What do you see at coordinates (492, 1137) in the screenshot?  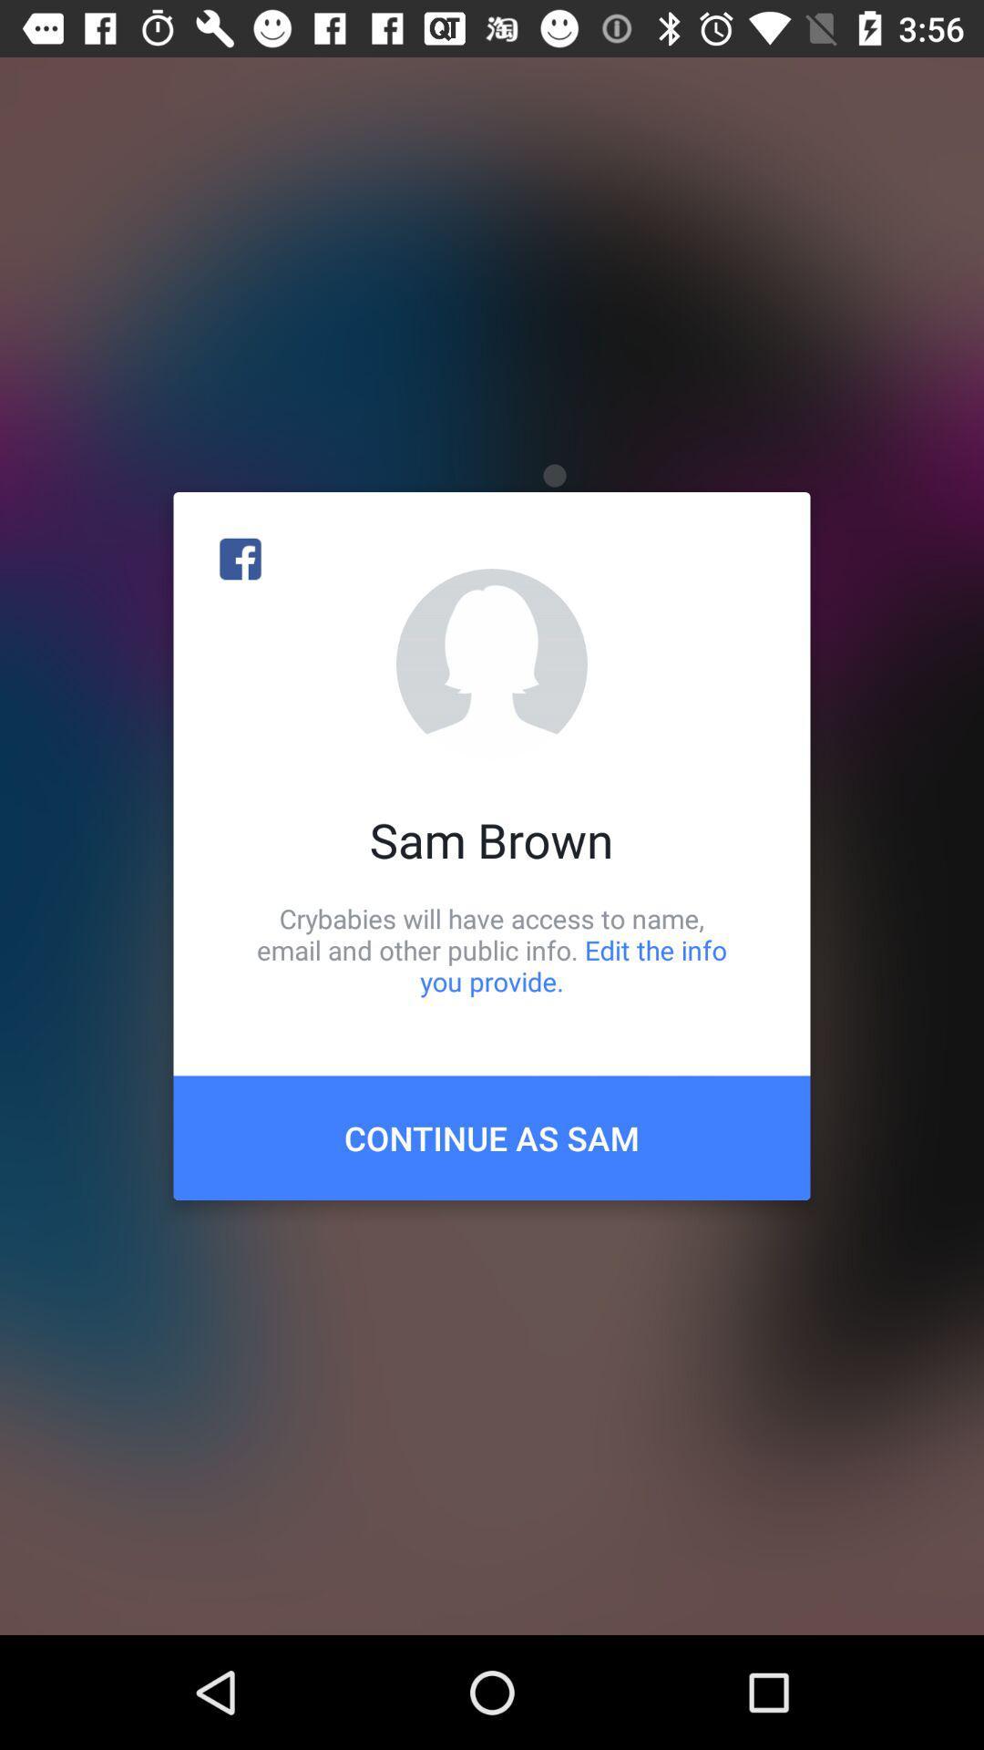 I see `the item below crybabies will have item` at bounding box center [492, 1137].